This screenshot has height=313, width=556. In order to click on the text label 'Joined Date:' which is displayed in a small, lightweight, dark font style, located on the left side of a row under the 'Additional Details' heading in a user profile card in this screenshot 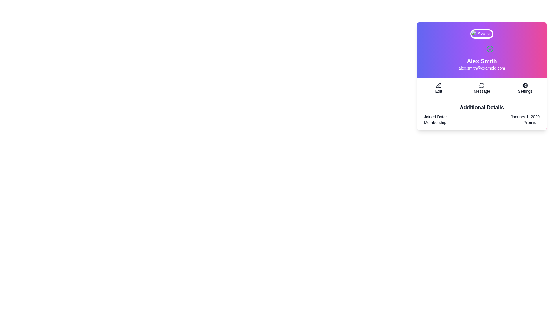, I will do `click(435, 117)`.